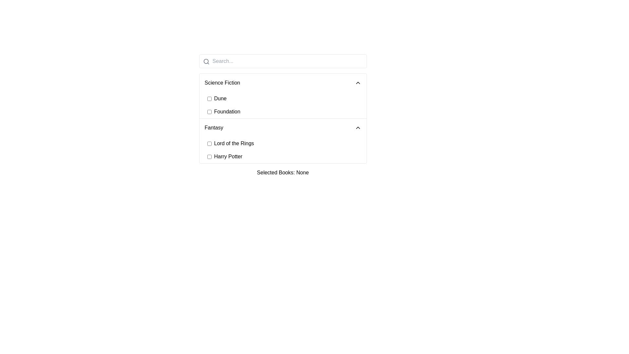 This screenshot has width=629, height=354. Describe the element at coordinates (220, 98) in the screenshot. I see `text label displaying 'Dune', which is positioned to the right of a checkbox in the 'Science Fiction' group` at that location.